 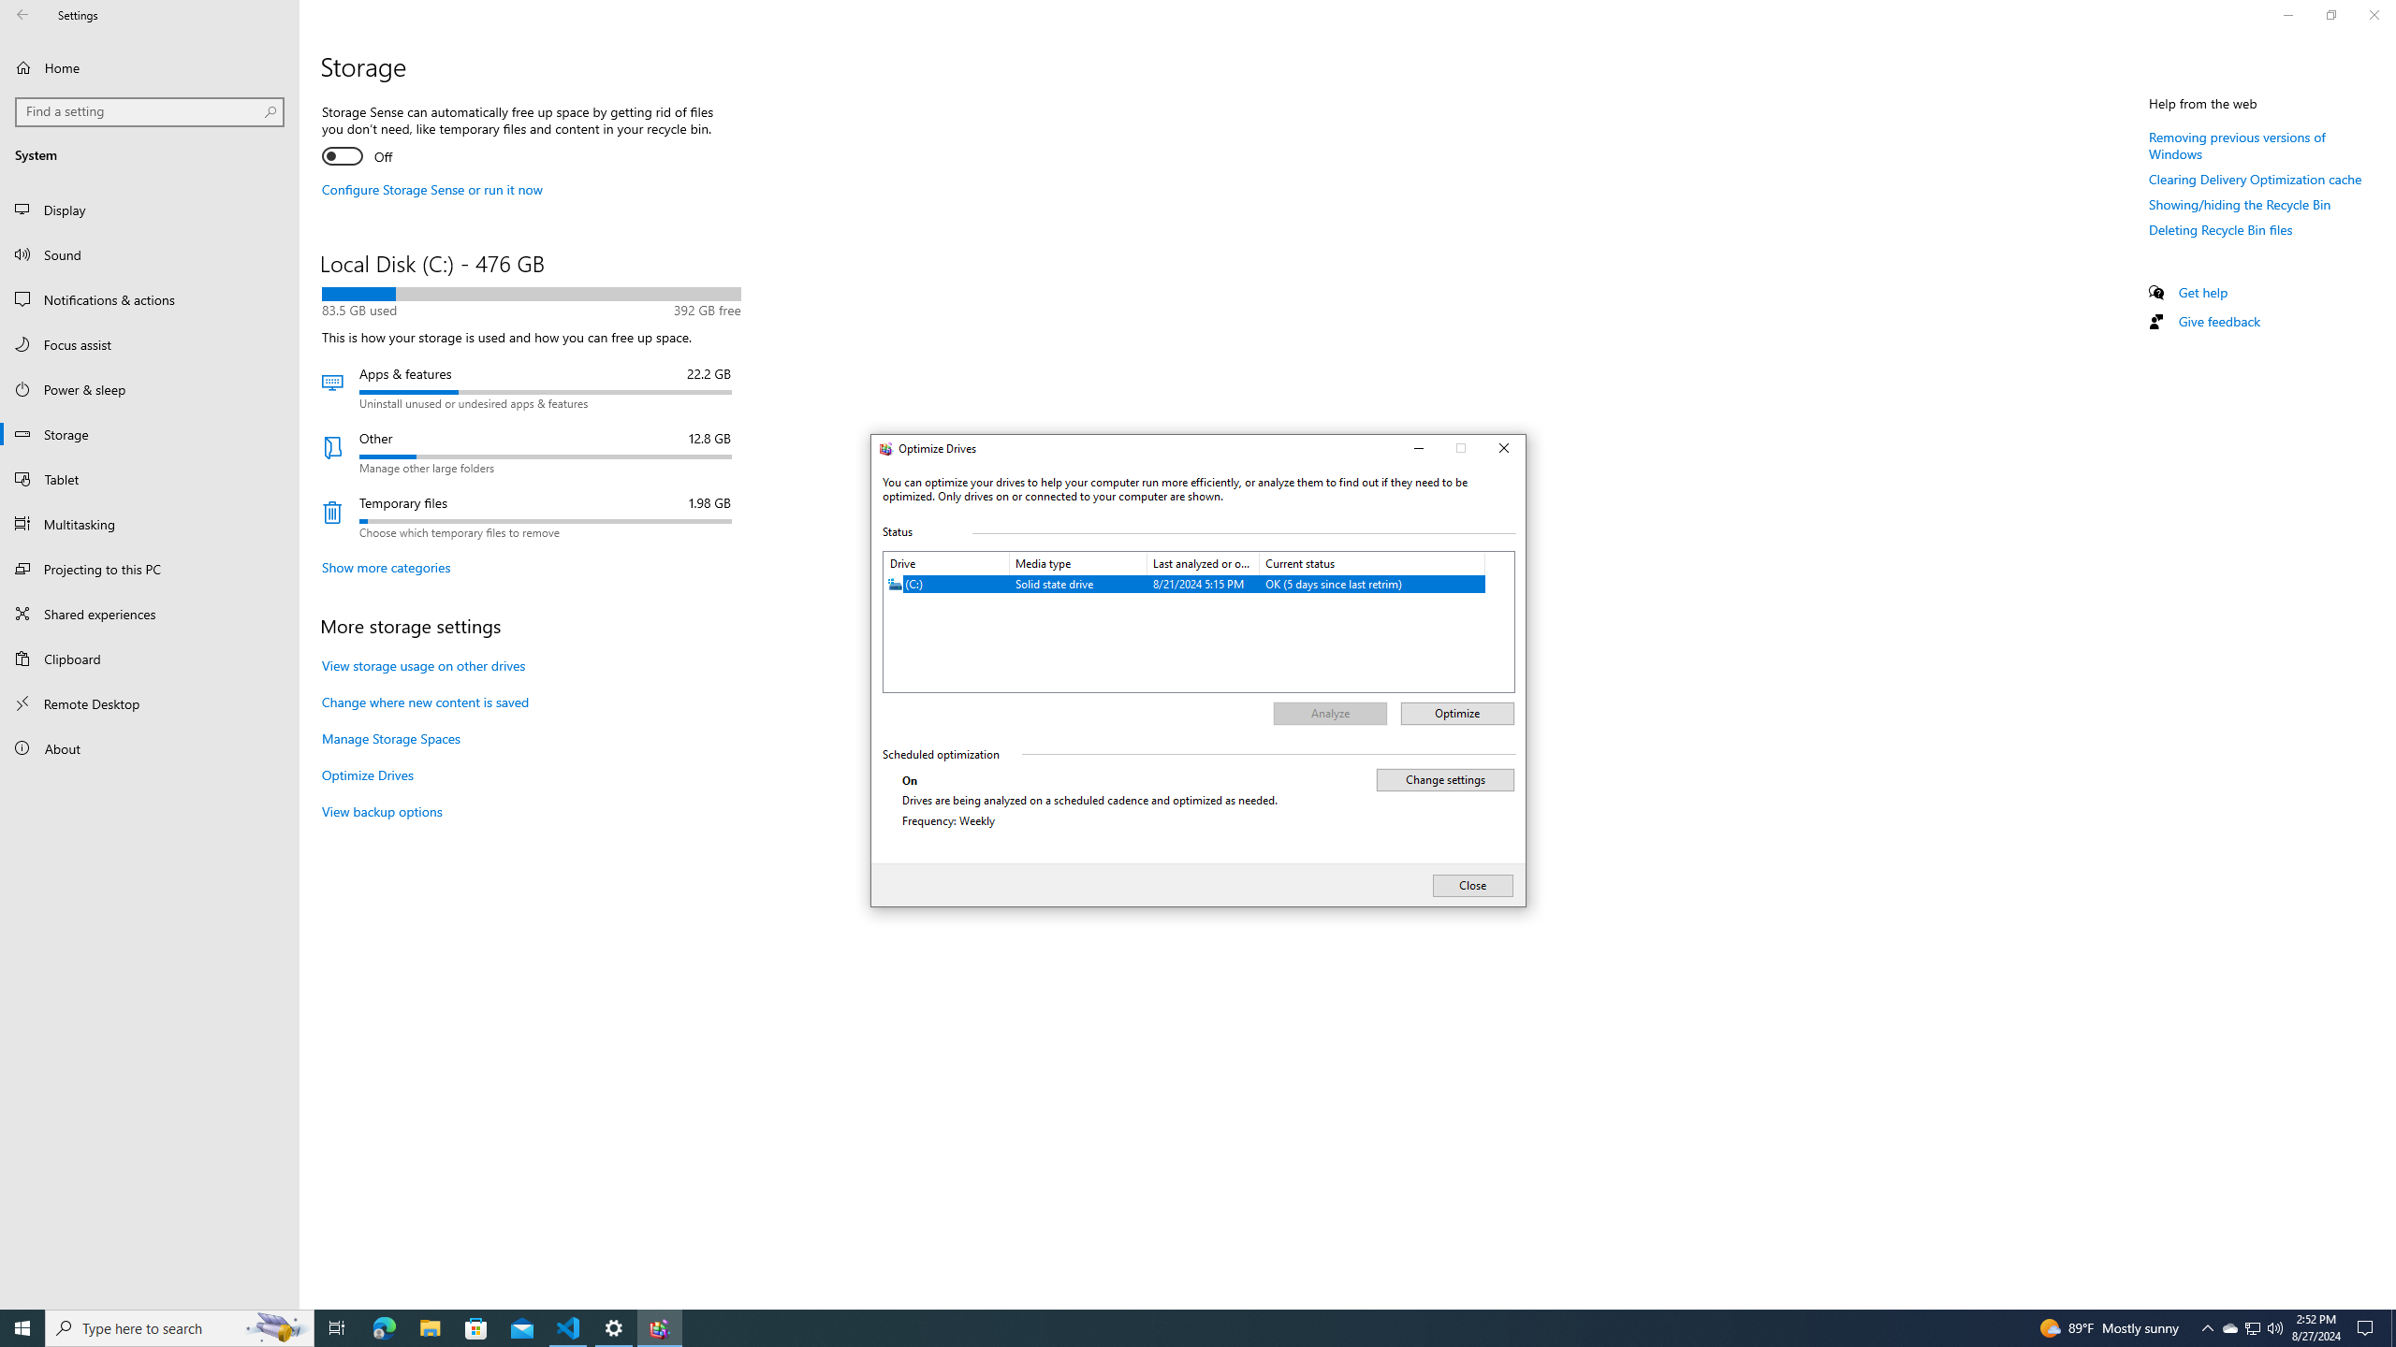 I want to click on 'Maximize', so click(x=1461, y=448).